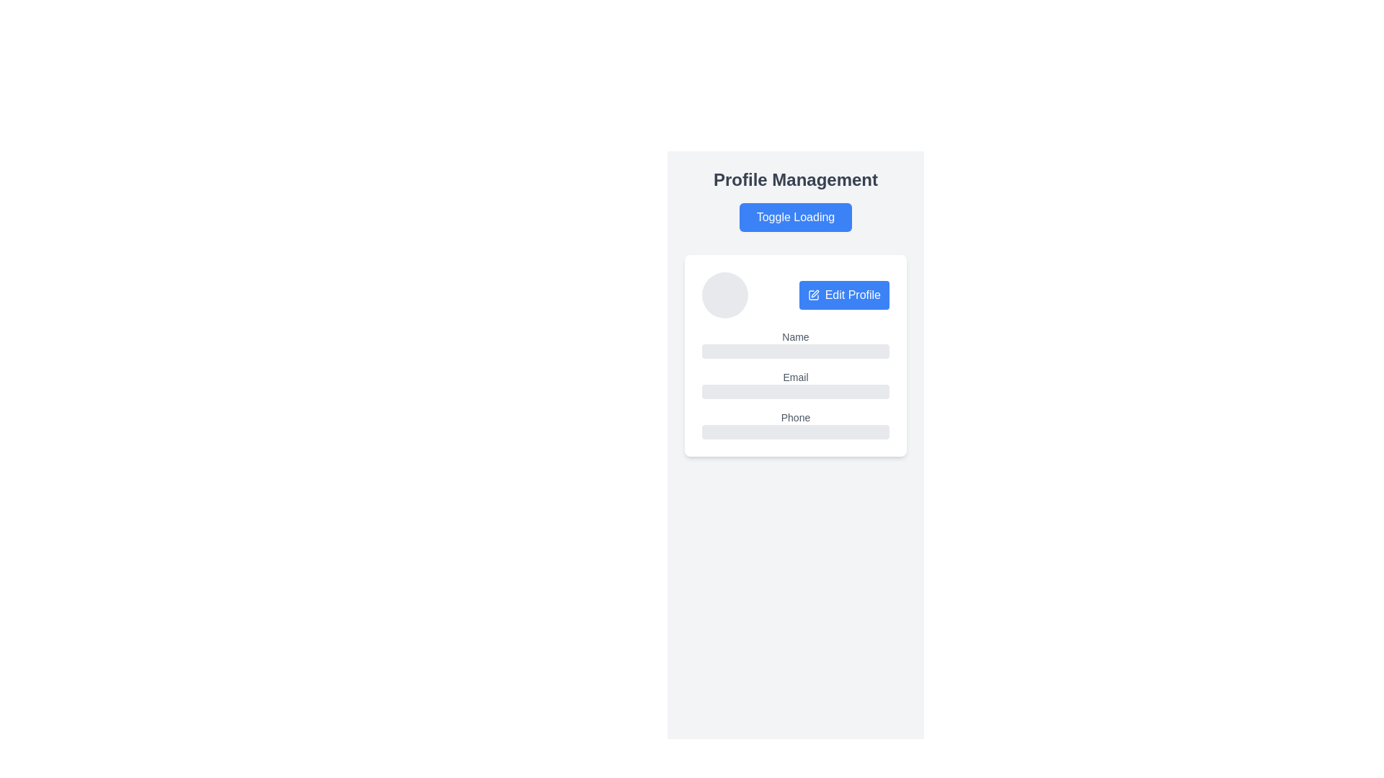 This screenshot has height=778, width=1384. Describe the element at coordinates (815, 293) in the screenshot. I see `the icon component within the SVG that represents a pen or writing tool, located in the 'Edit Profile' button in the upper section of the form card` at that location.